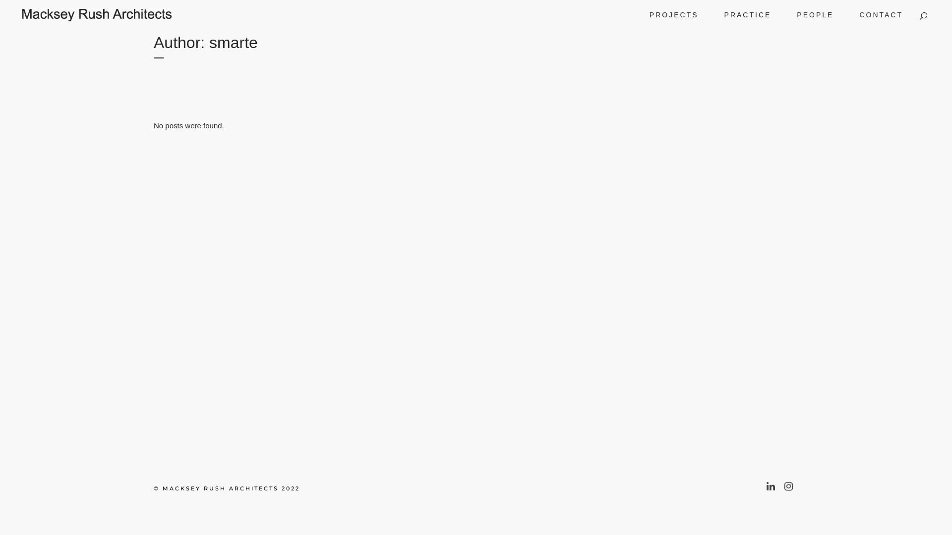  What do you see at coordinates (815, 15) in the screenshot?
I see `'PEOPLE'` at bounding box center [815, 15].